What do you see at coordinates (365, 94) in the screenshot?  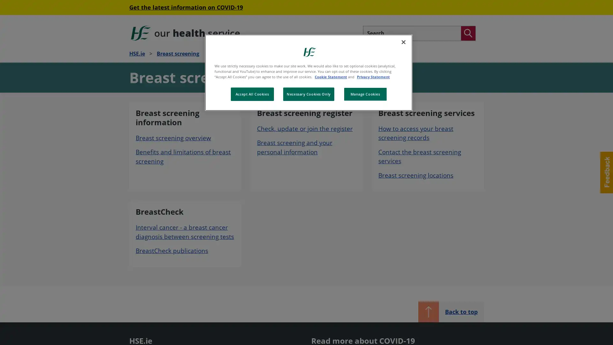 I see `Manage Cookies` at bounding box center [365, 94].